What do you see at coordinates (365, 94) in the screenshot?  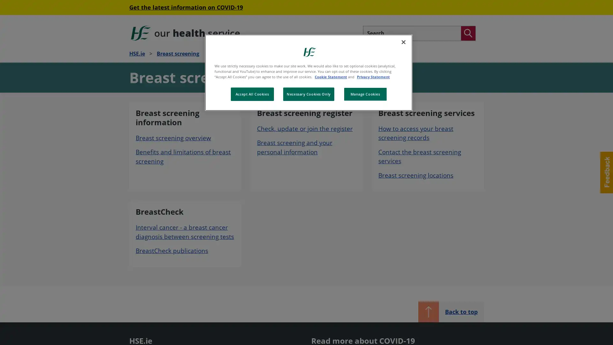 I see `Manage Cookies` at bounding box center [365, 94].